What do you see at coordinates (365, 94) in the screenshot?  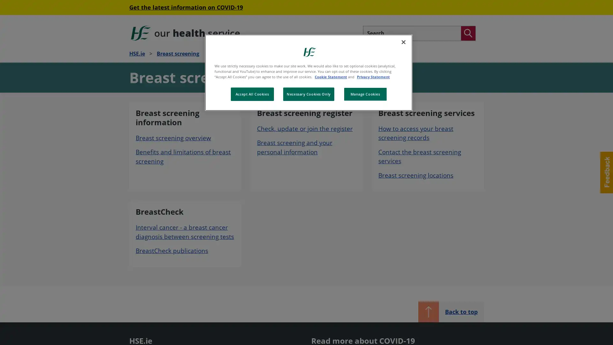 I see `Manage Cookies` at bounding box center [365, 94].